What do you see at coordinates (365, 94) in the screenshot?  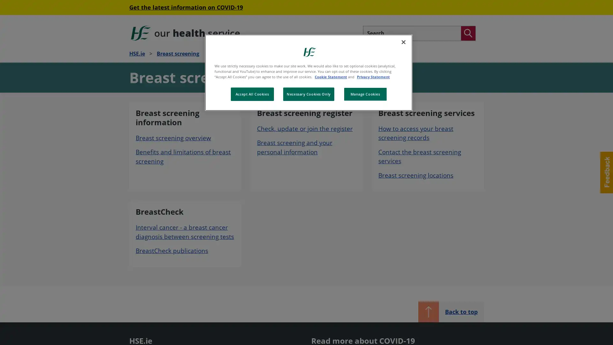 I see `Manage Cookies` at bounding box center [365, 94].